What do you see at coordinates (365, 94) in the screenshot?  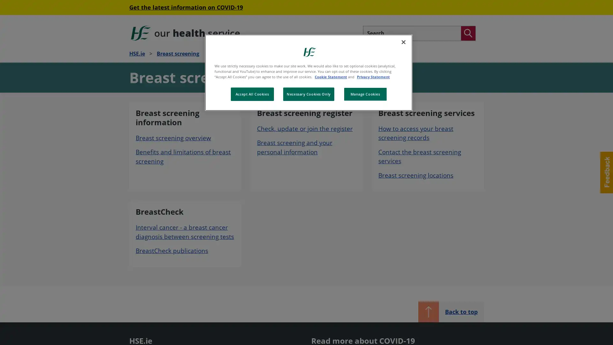 I see `Manage Cookies` at bounding box center [365, 94].